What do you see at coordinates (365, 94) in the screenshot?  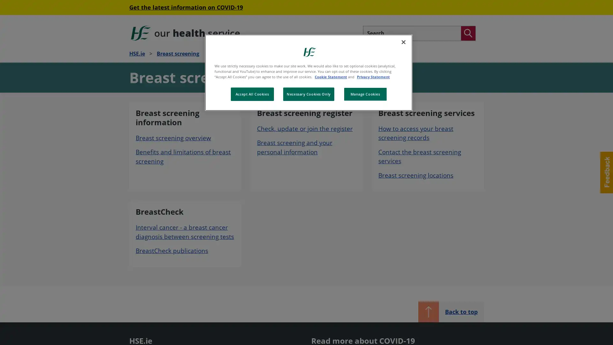 I see `Manage Cookies` at bounding box center [365, 94].